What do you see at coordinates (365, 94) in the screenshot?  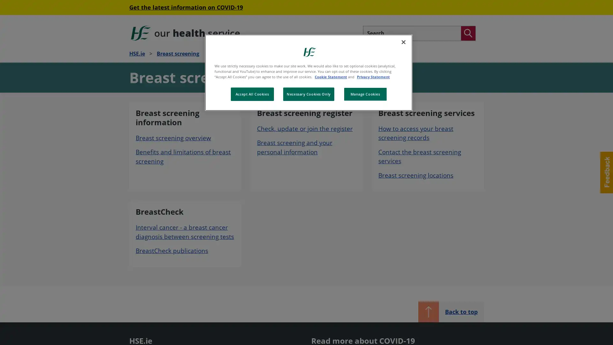 I see `Manage Cookies` at bounding box center [365, 94].